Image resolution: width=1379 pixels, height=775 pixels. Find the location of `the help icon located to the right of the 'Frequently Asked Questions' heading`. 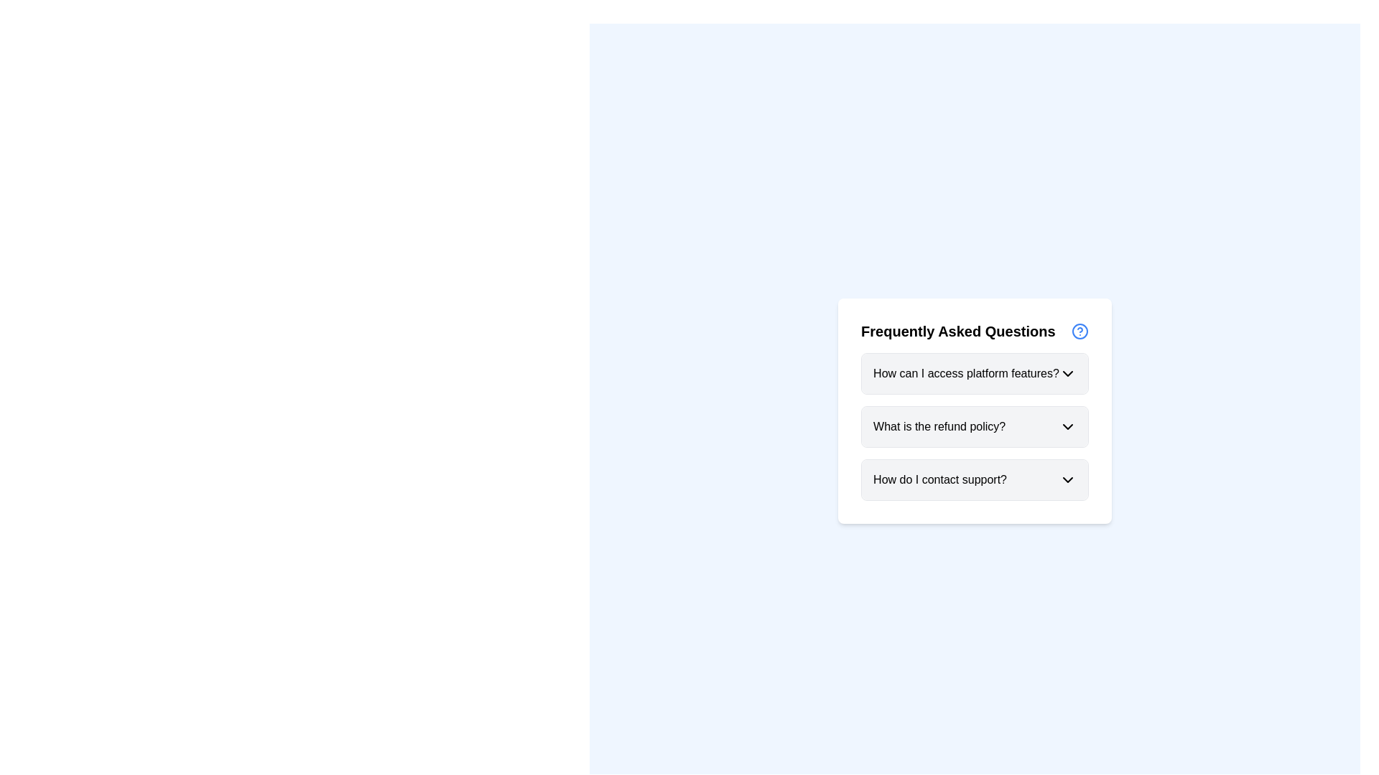

the help icon located to the right of the 'Frequently Asked Questions' heading is located at coordinates (1079, 332).